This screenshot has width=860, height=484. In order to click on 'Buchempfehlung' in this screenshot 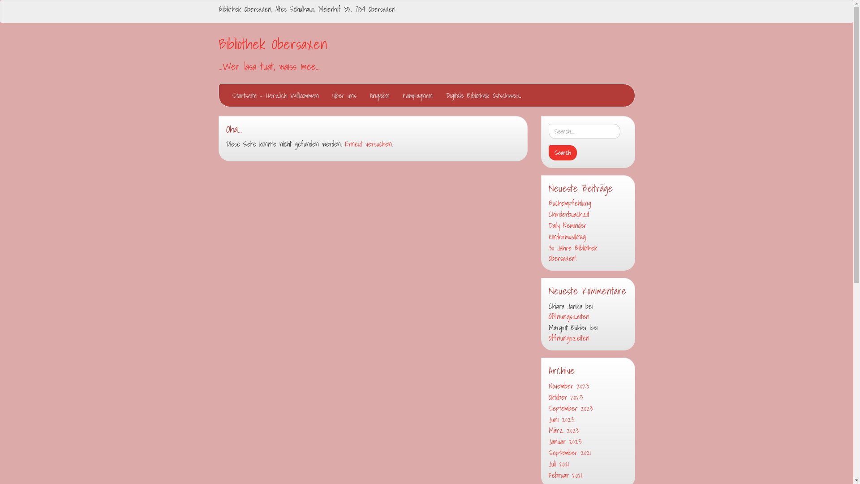, I will do `click(587, 203)`.